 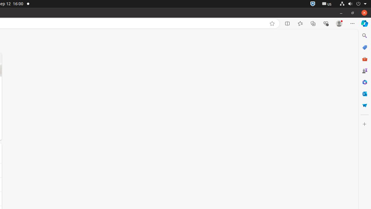 What do you see at coordinates (364, 93) in the screenshot?
I see `'Outlook'` at bounding box center [364, 93].